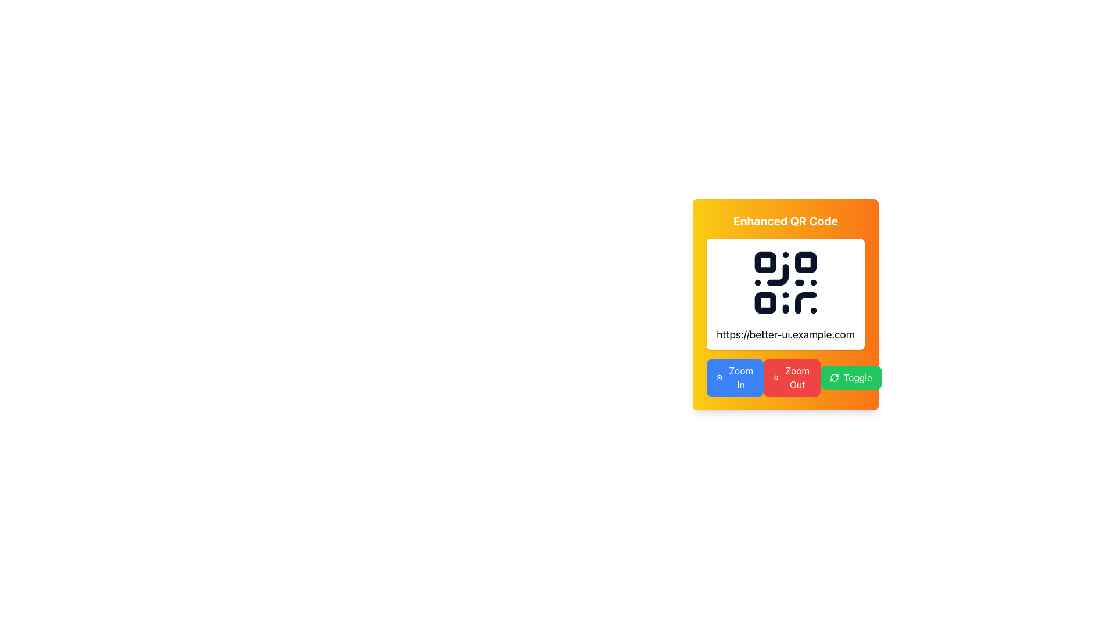 The height and width of the screenshot is (627, 1115). What do you see at coordinates (765, 302) in the screenshot?
I see `the small rounded square located in the bottom-left corner of the QR code graphic, which is the third square in the grid structure` at bounding box center [765, 302].